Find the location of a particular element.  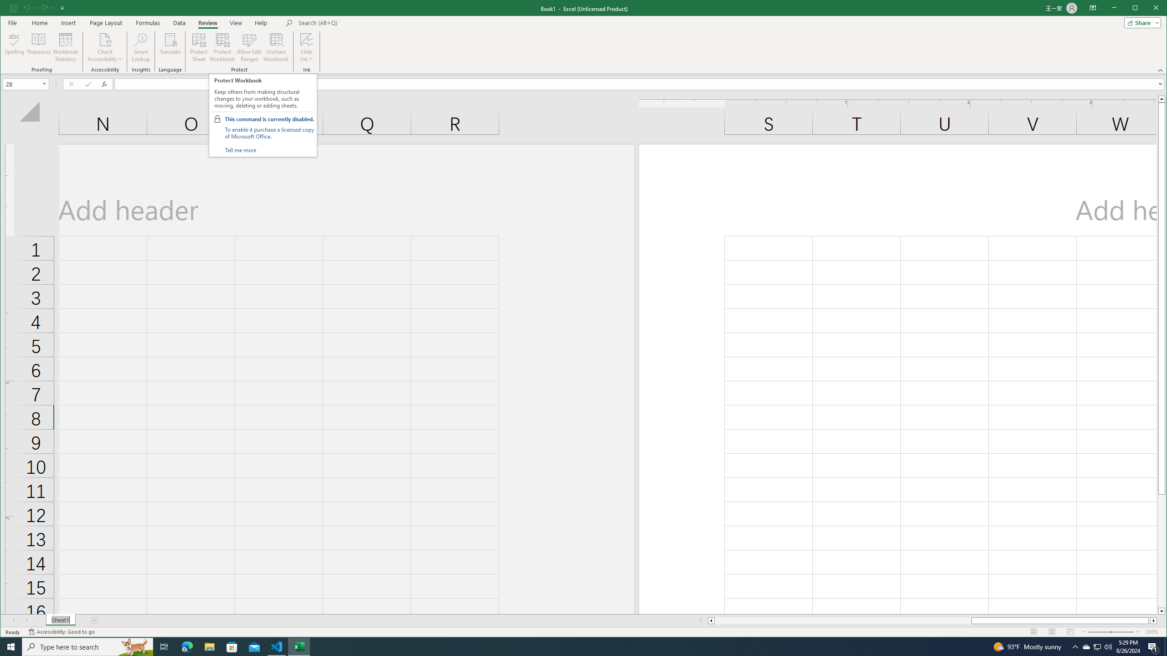

'Formulas' is located at coordinates (148, 22).